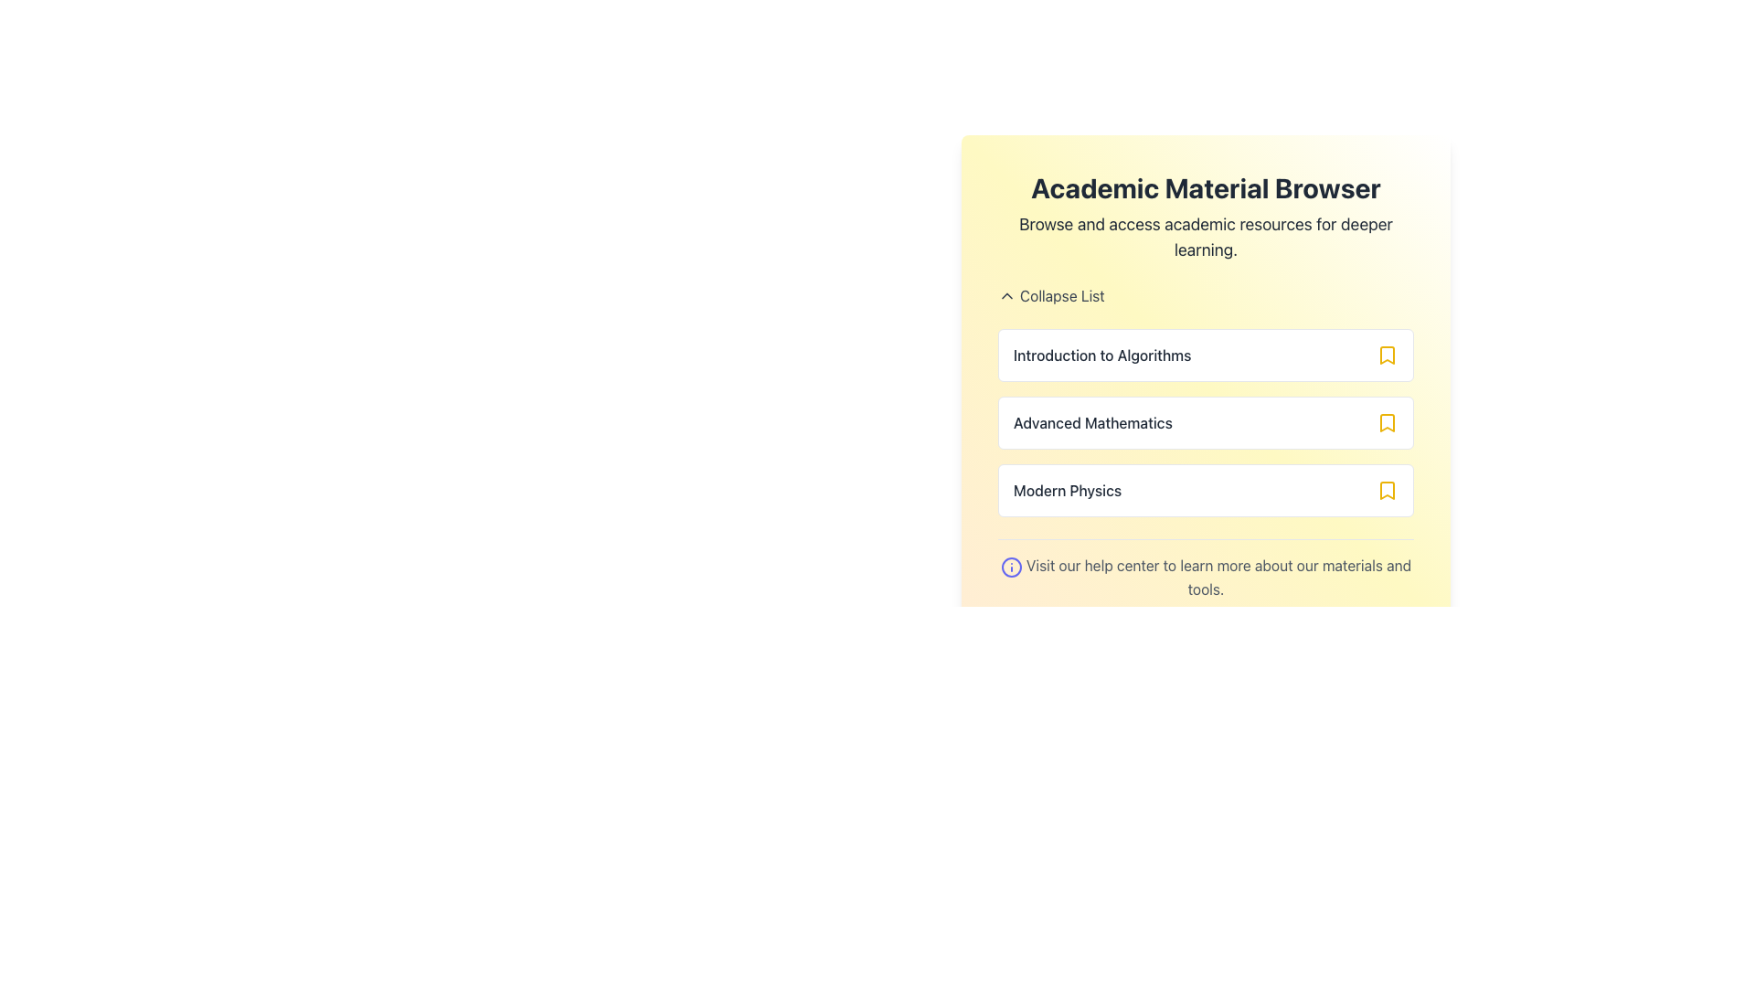 The height and width of the screenshot is (987, 1755). What do you see at coordinates (1010, 566) in the screenshot?
I see `the informative icon, which is a circular icon with an 'i' symbol, located at the bottom-left corner of the text block that reads 'Visit our help center to learn more about our materials and tools.'` at bounding box center [1010, 566].